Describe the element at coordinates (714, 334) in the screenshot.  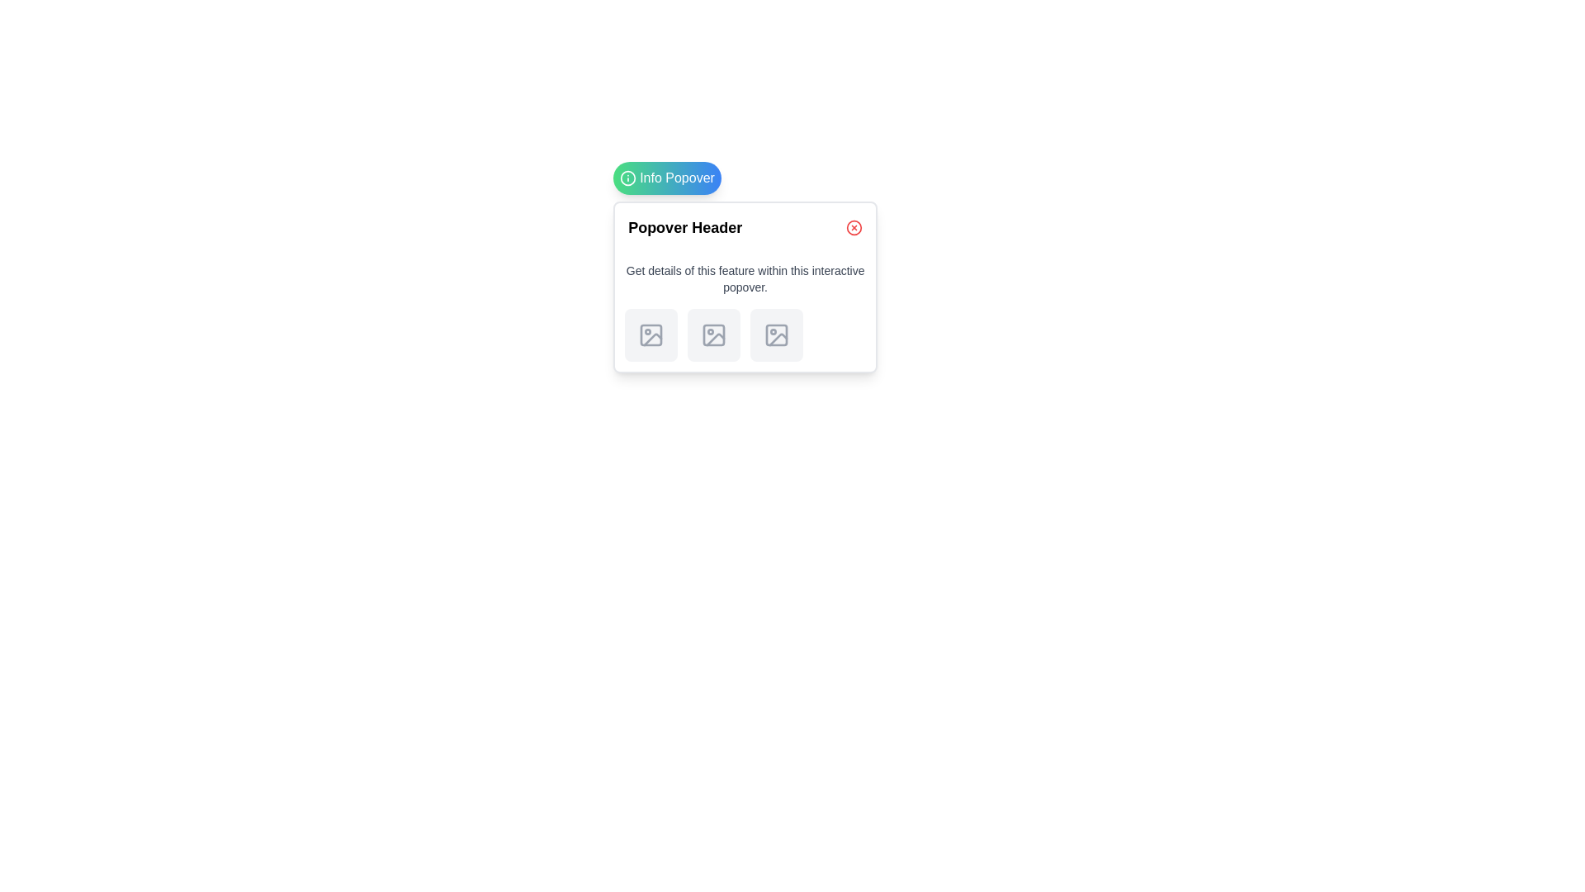
I see `the second square-shaped icon with rounded edges that has a light gray background and a darker gray photo placeholder icon, located in the right-hand column of the layout` at that location.